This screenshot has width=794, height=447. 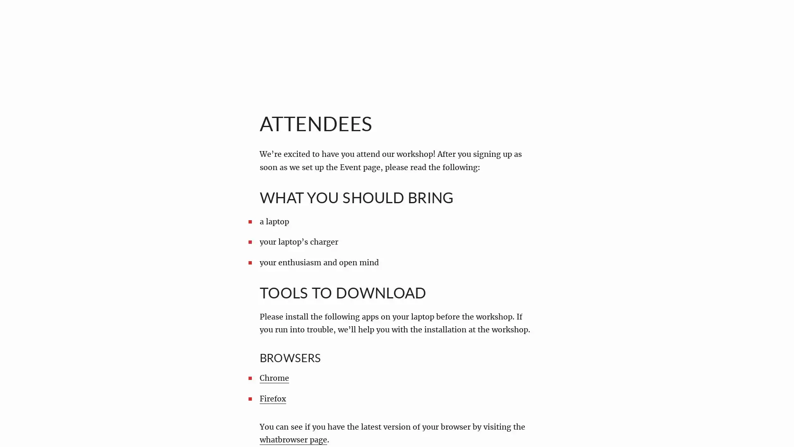 I want to click on Open Menu, so click(x=26, y=26).